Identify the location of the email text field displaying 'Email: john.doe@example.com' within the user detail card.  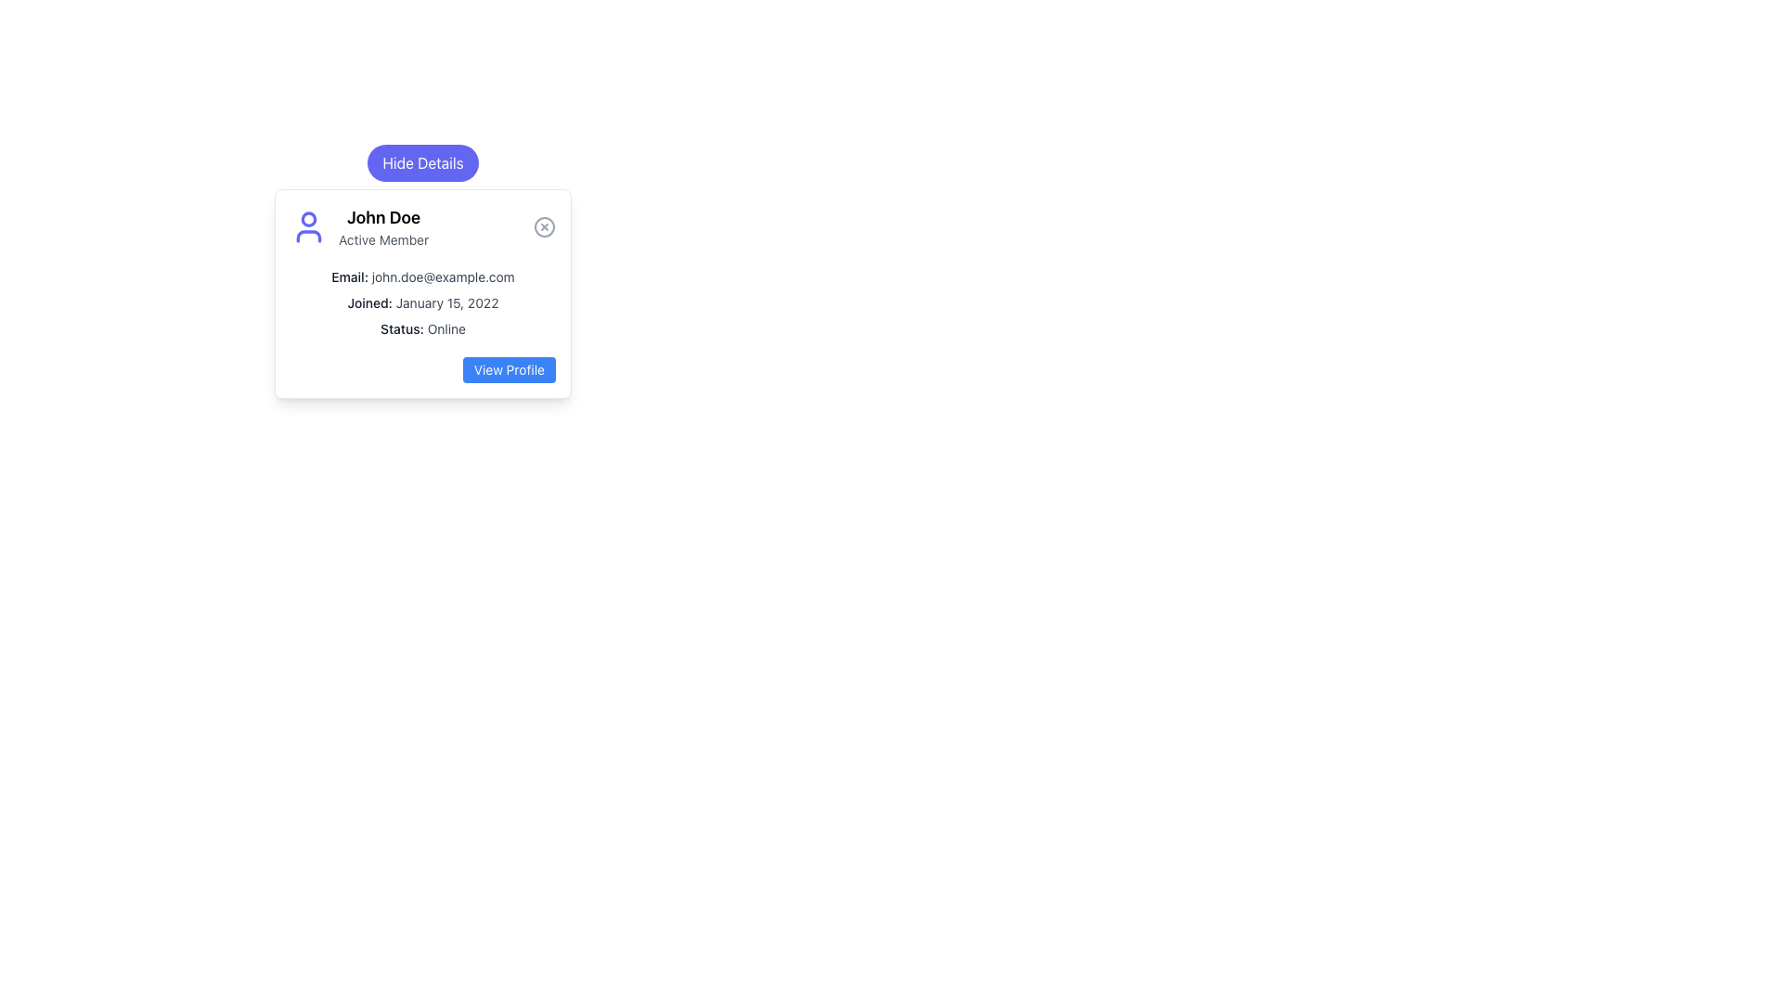
(422, 277).